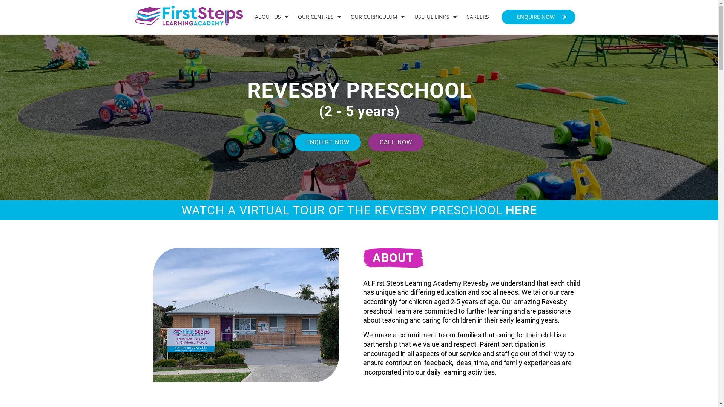 The height and width of the screenshot is (407, 724). I want to click on 'CALL NOW', so click(396, 142).